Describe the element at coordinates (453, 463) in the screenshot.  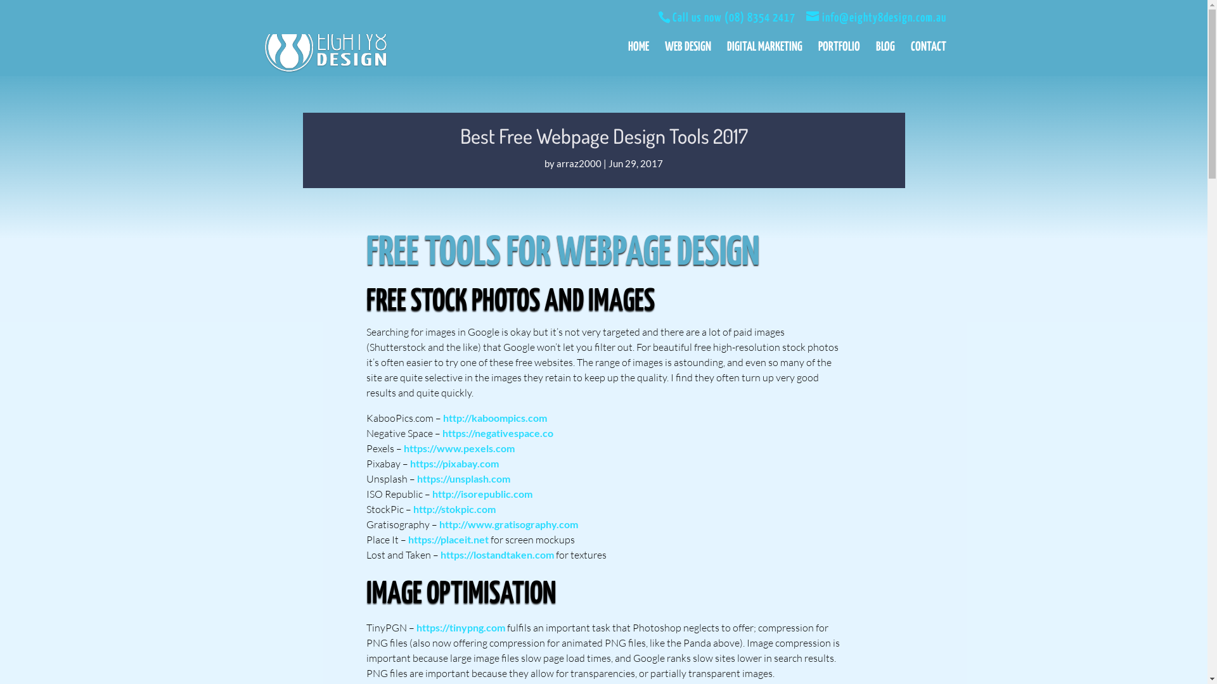
I see `'https://pixabay.com'` at that location.